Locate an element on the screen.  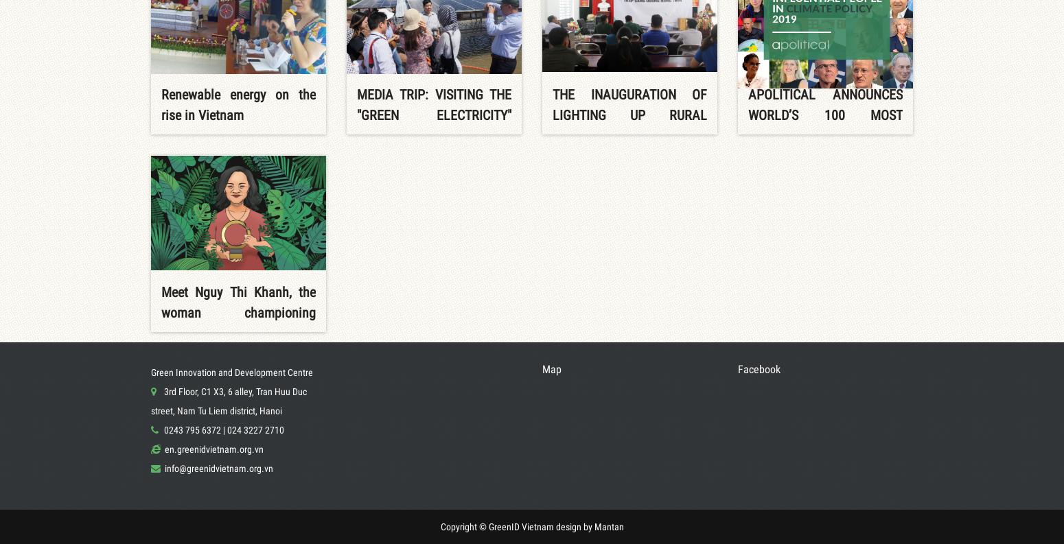
'Map' is located at coordinates (551, 368).